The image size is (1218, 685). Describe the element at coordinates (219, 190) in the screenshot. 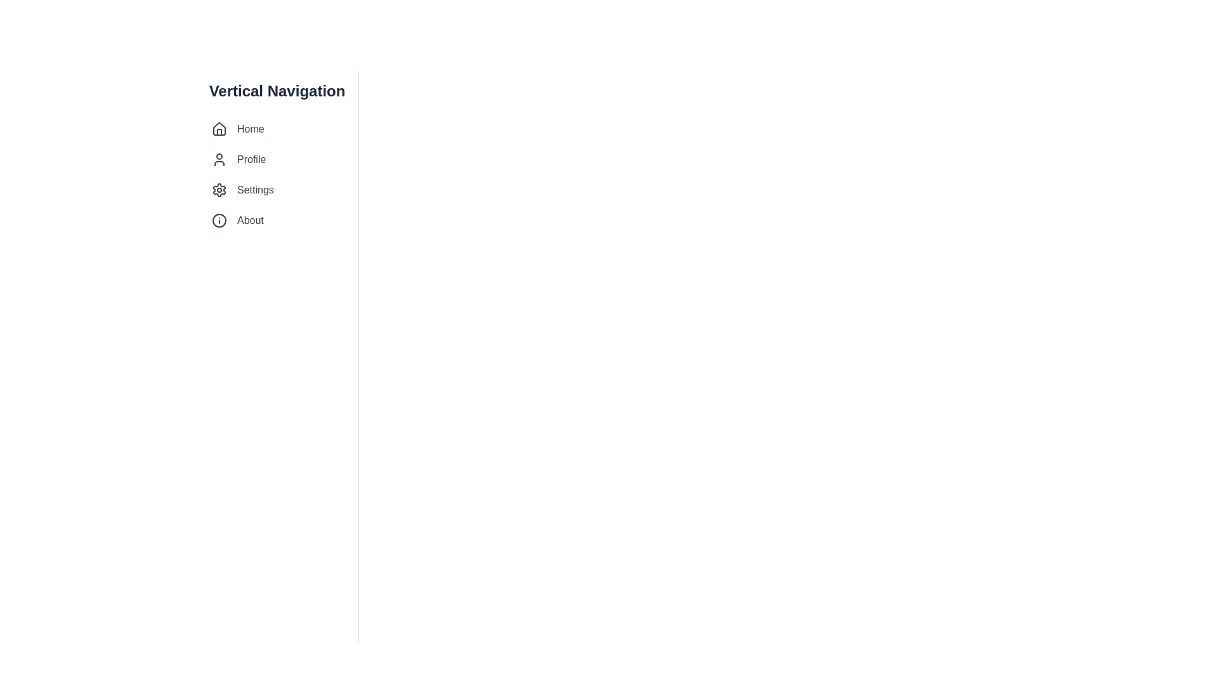

I see `the gear icon in the vertical navigation menu` at that location.